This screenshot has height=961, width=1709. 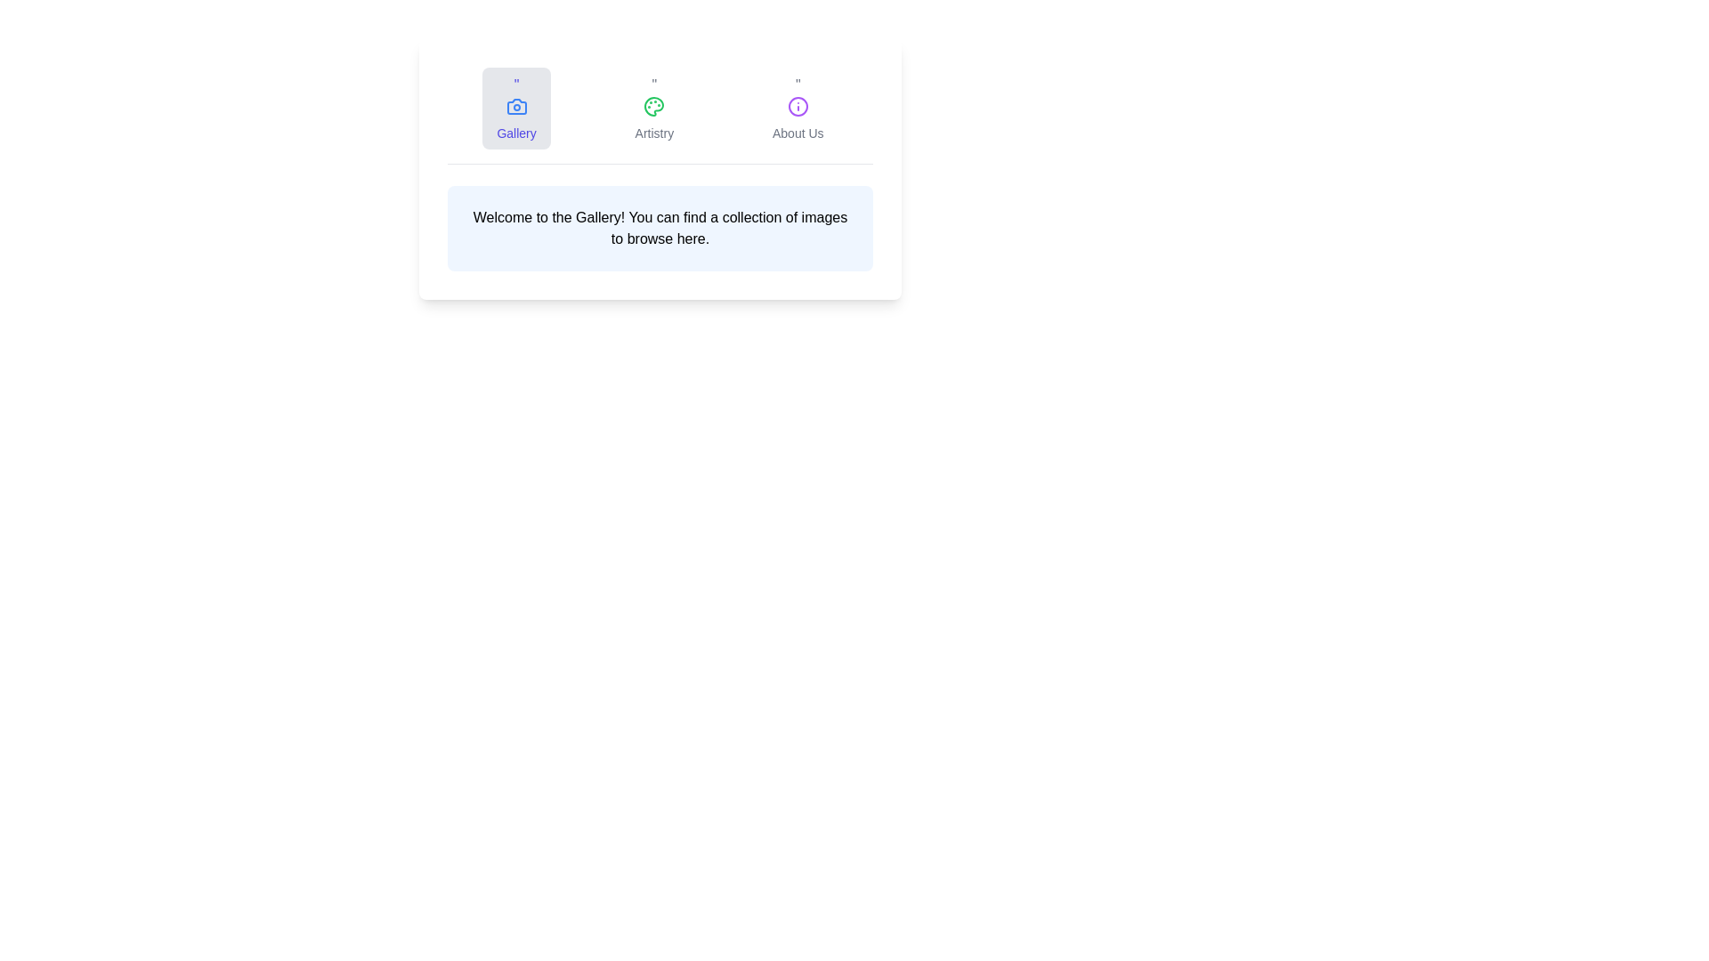 What do you see at coordinates (515, 109) in the screenshot?
I see `the tab button labeled Gallery to observe the hover effect` at bounding box center [515, 109].